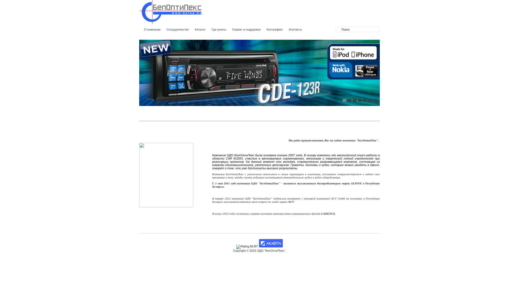 The image size is (519, 292). I want to click on '3', so click(354, 100).